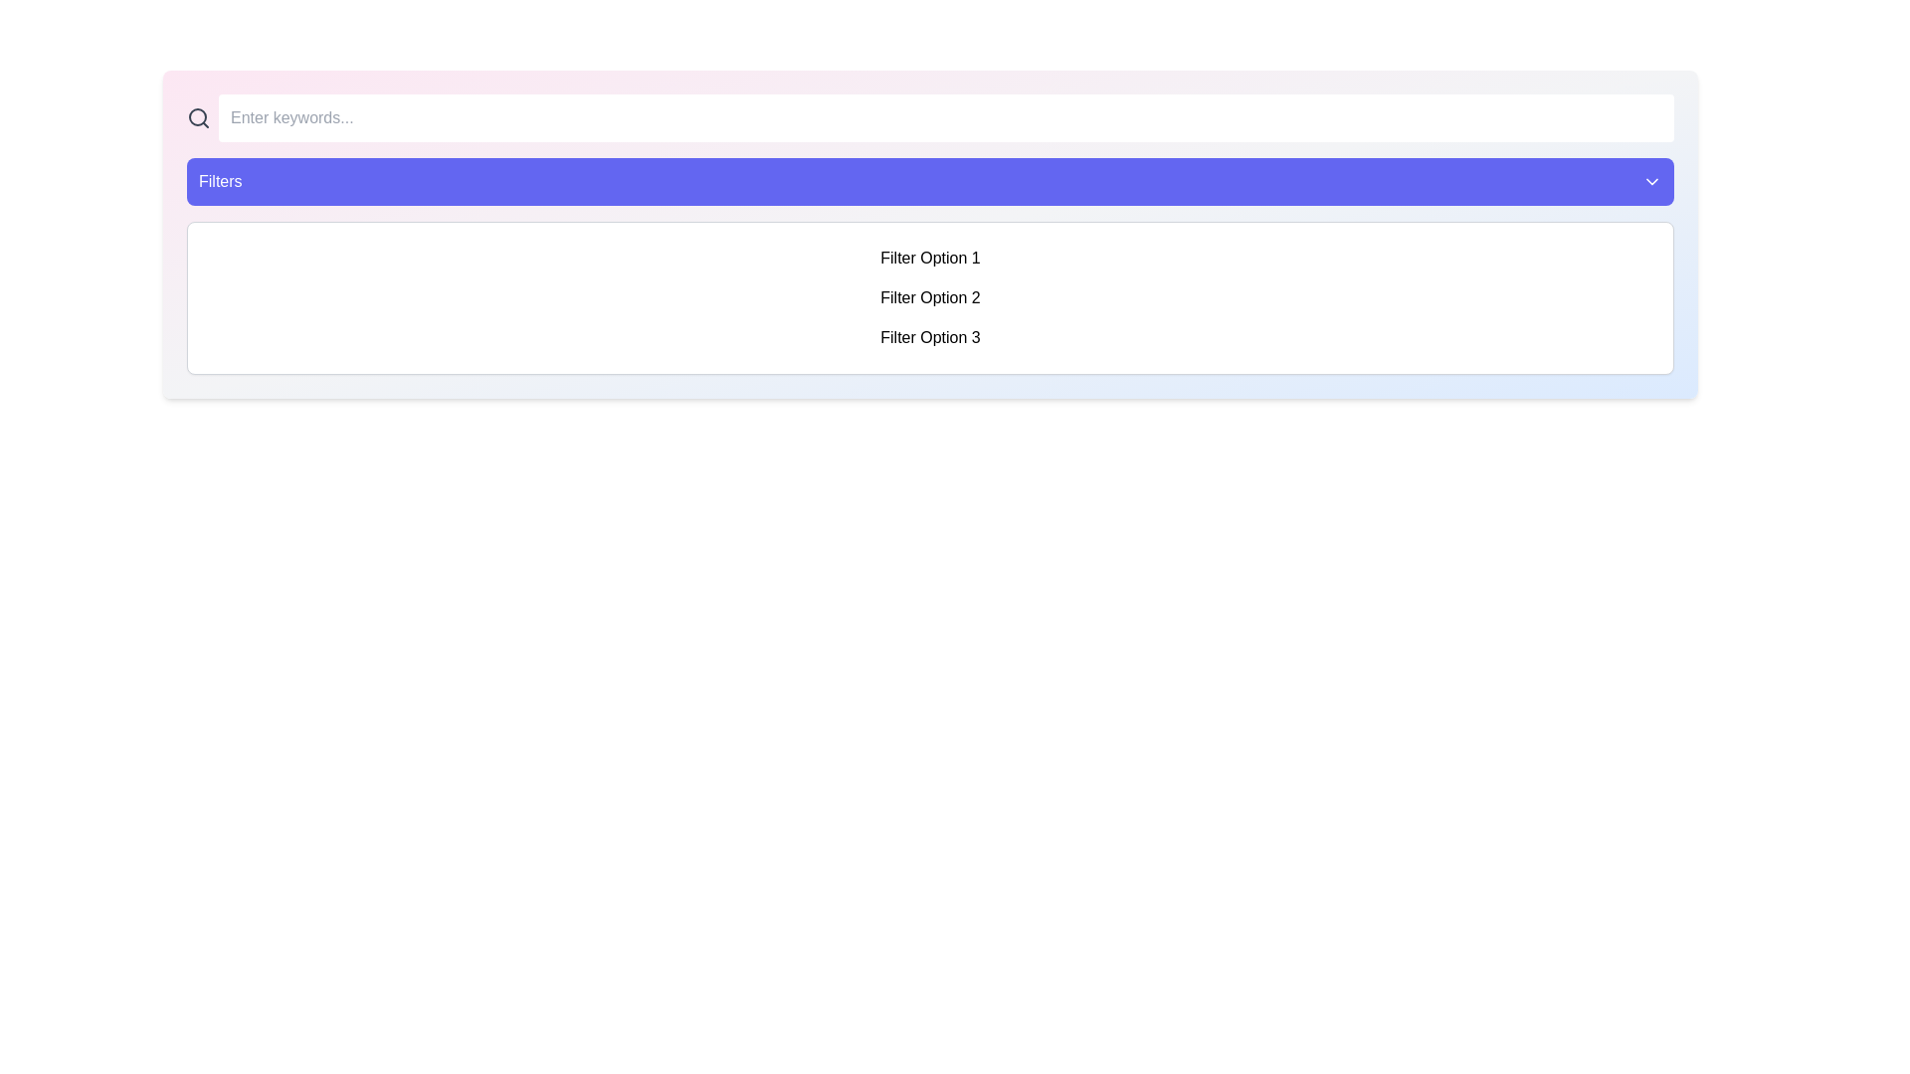  Describe the element at coordinates (929, 298) in the screenshot. I see `the text item displaying 'Filter Option 2' in the selectable list under the 'Filters' section to trigger visual feedback` at that location.